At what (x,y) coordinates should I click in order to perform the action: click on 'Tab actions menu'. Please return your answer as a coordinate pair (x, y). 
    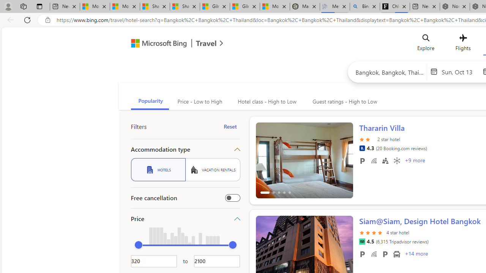
    Looking at the image, I should click on (39, 6).